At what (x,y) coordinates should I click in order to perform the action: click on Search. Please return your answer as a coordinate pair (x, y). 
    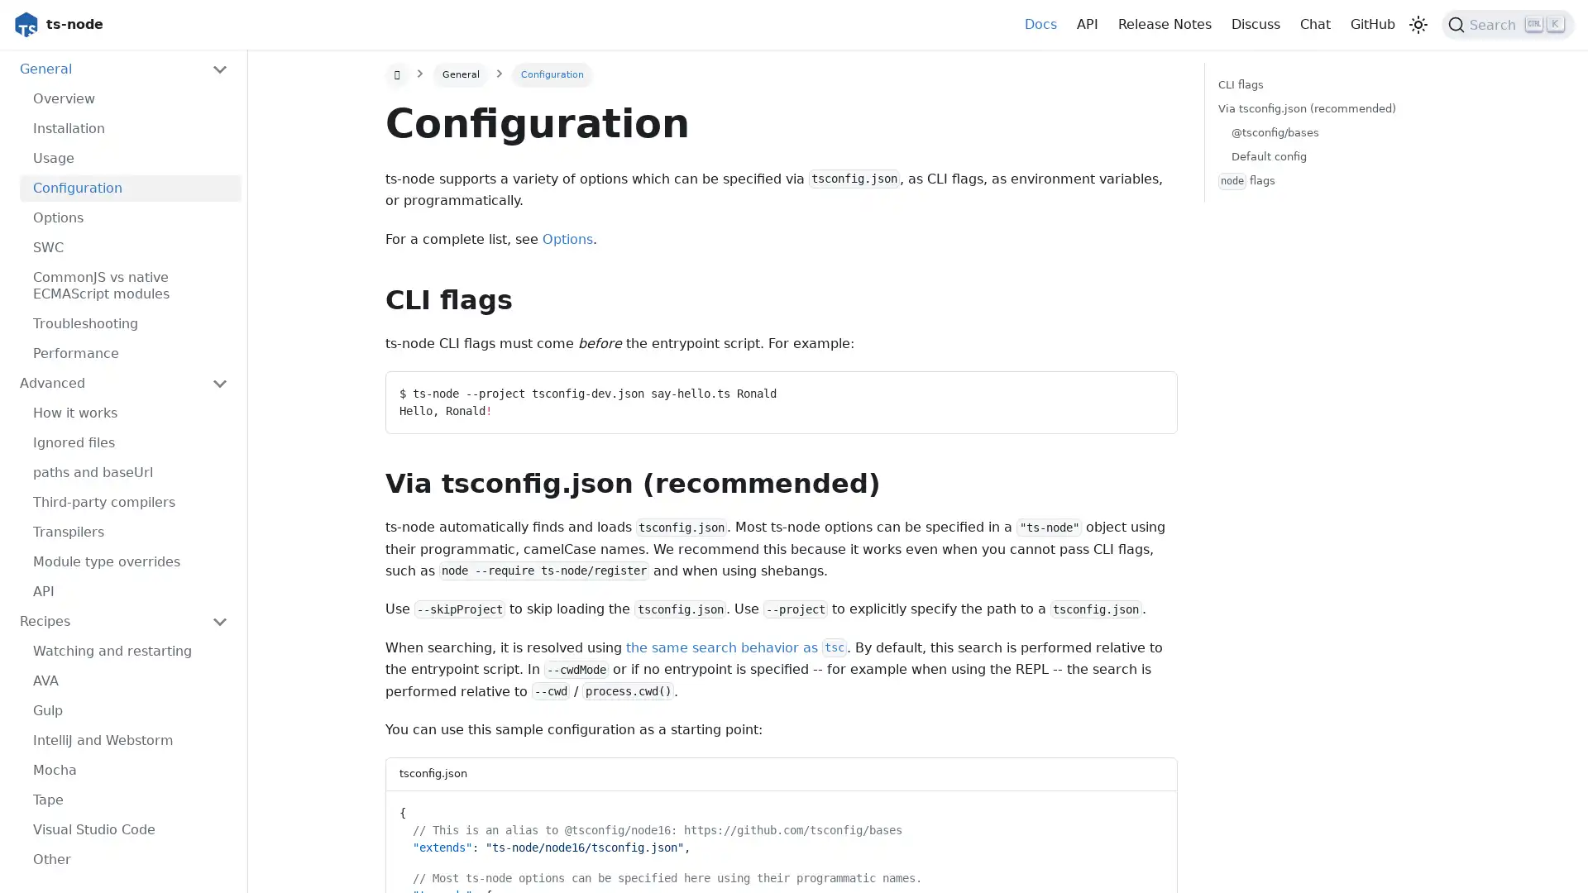
    Looking at the image, I should click on (1508, 25).